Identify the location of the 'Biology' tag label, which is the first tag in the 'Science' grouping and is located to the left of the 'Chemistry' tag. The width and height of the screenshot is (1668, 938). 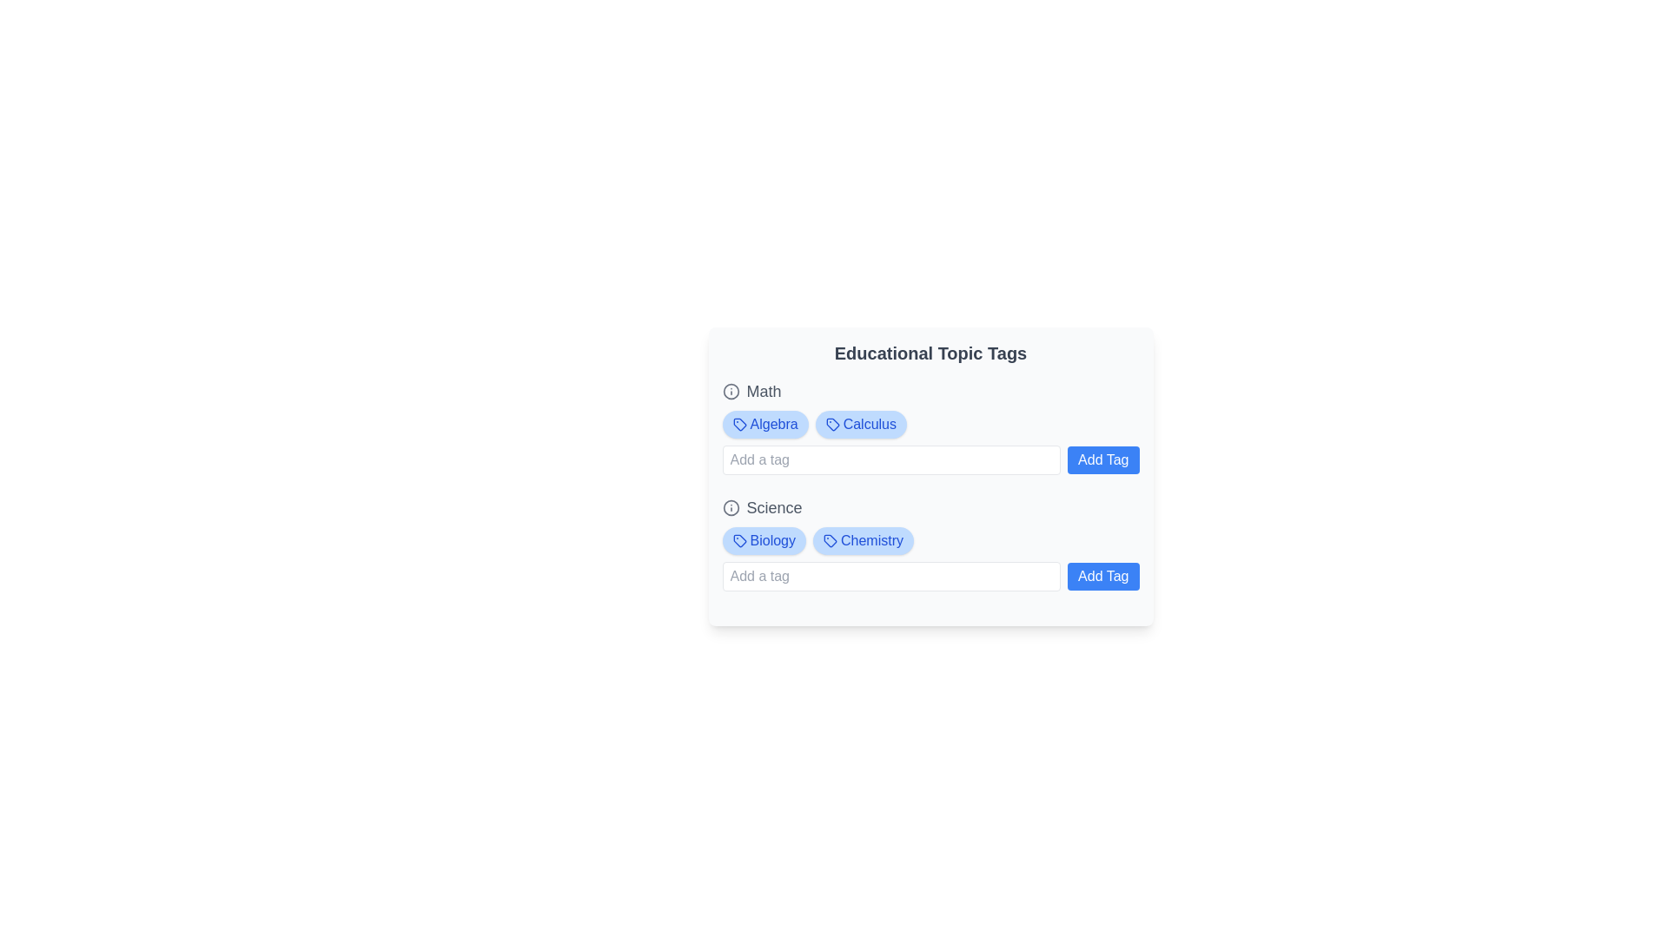
(764, 540).